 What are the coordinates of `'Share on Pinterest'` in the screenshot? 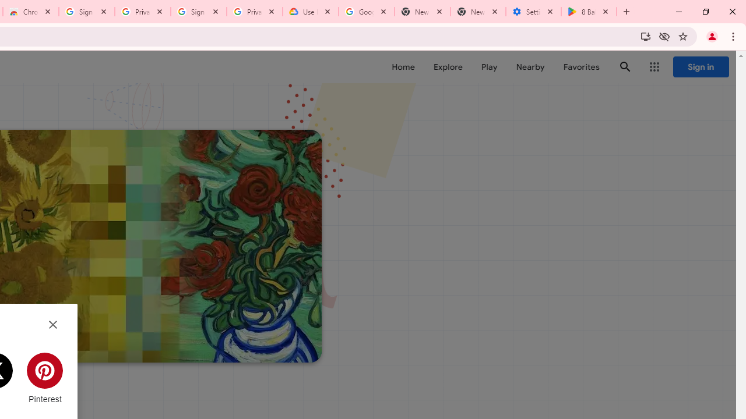 It's located at (45, 378).